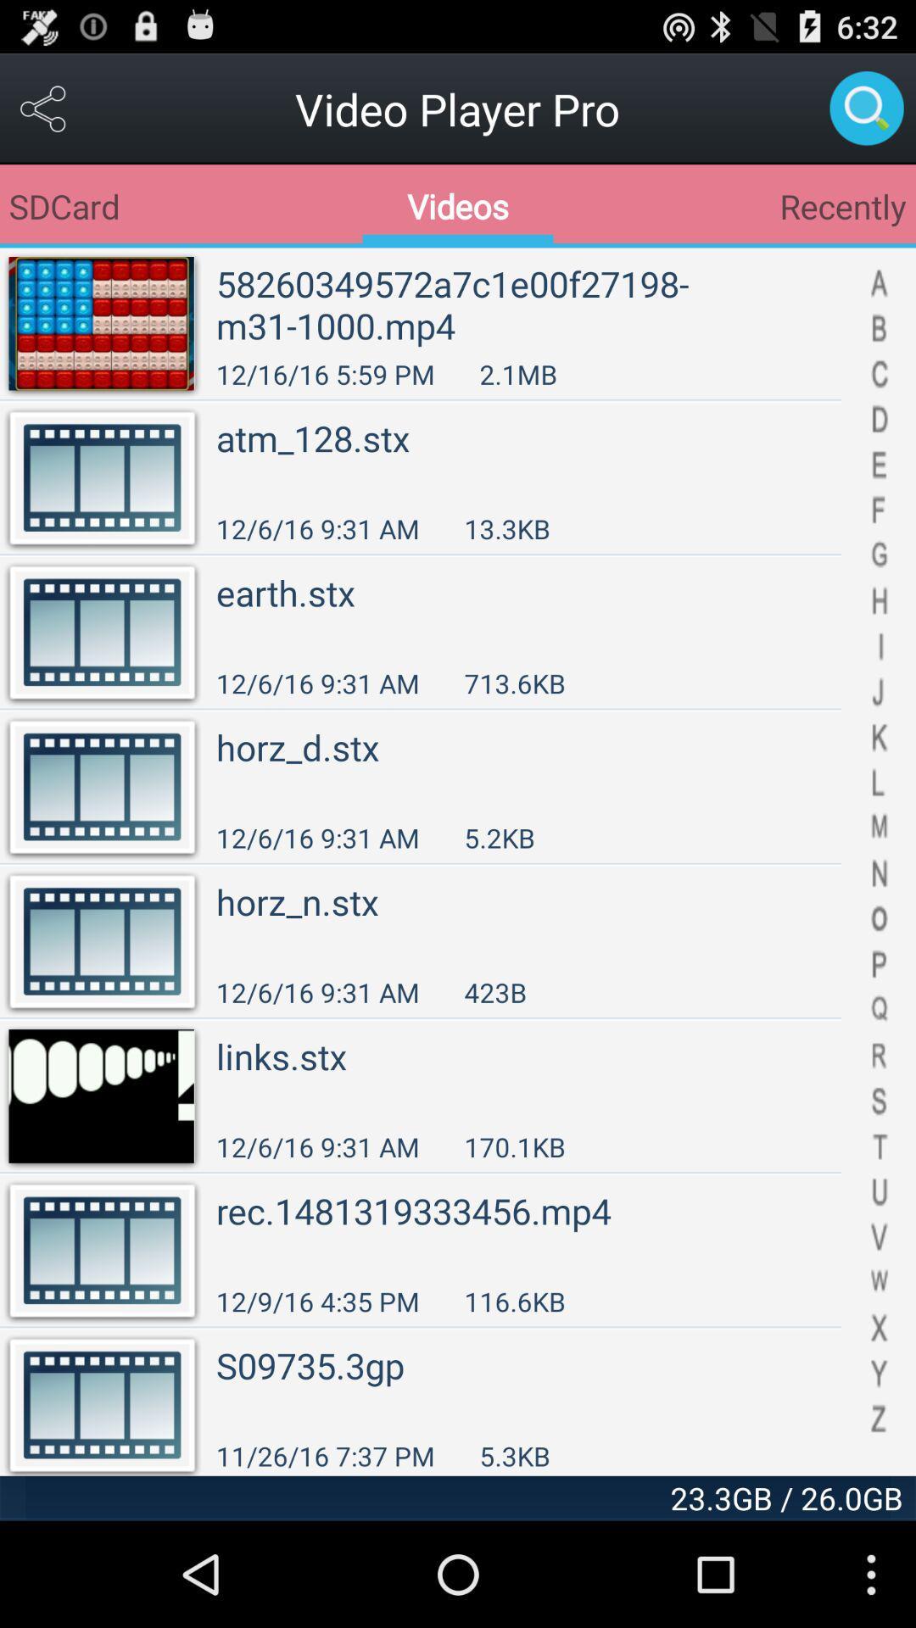 Image resolution: width=916 pixels, height=1628 pixels. I want to click on search the video, so click(866, 108).